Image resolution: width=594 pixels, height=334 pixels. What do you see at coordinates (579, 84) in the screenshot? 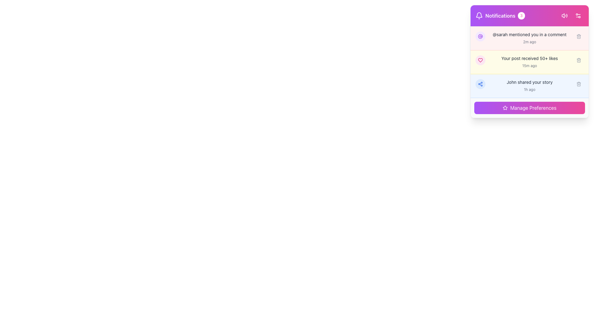
I see `the trashcan icon representing the delete action` at bounding box center [579, 84].